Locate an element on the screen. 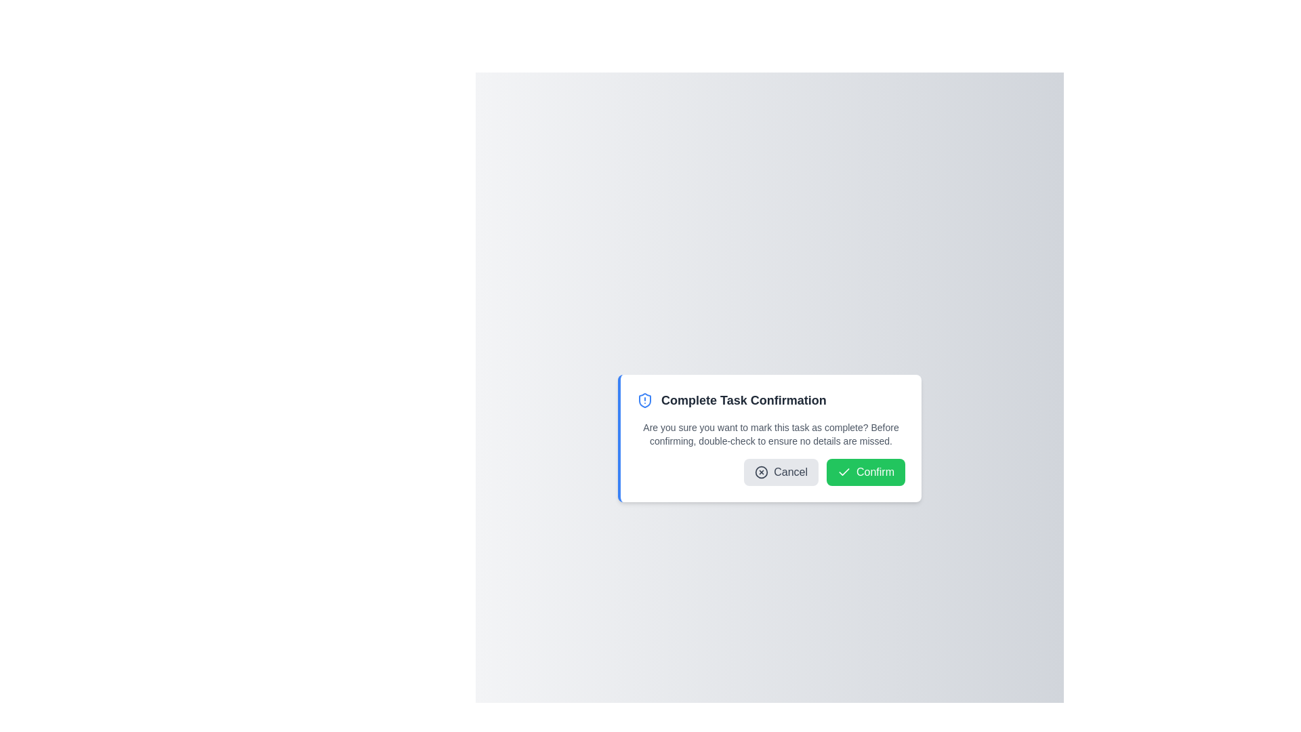 This screenshot has width=1301, height=732. the header element with a shield icon and the text 'Complete Task Confirmation' at the top-left of the confirmation dialog box is located at coordinates (770, 399).